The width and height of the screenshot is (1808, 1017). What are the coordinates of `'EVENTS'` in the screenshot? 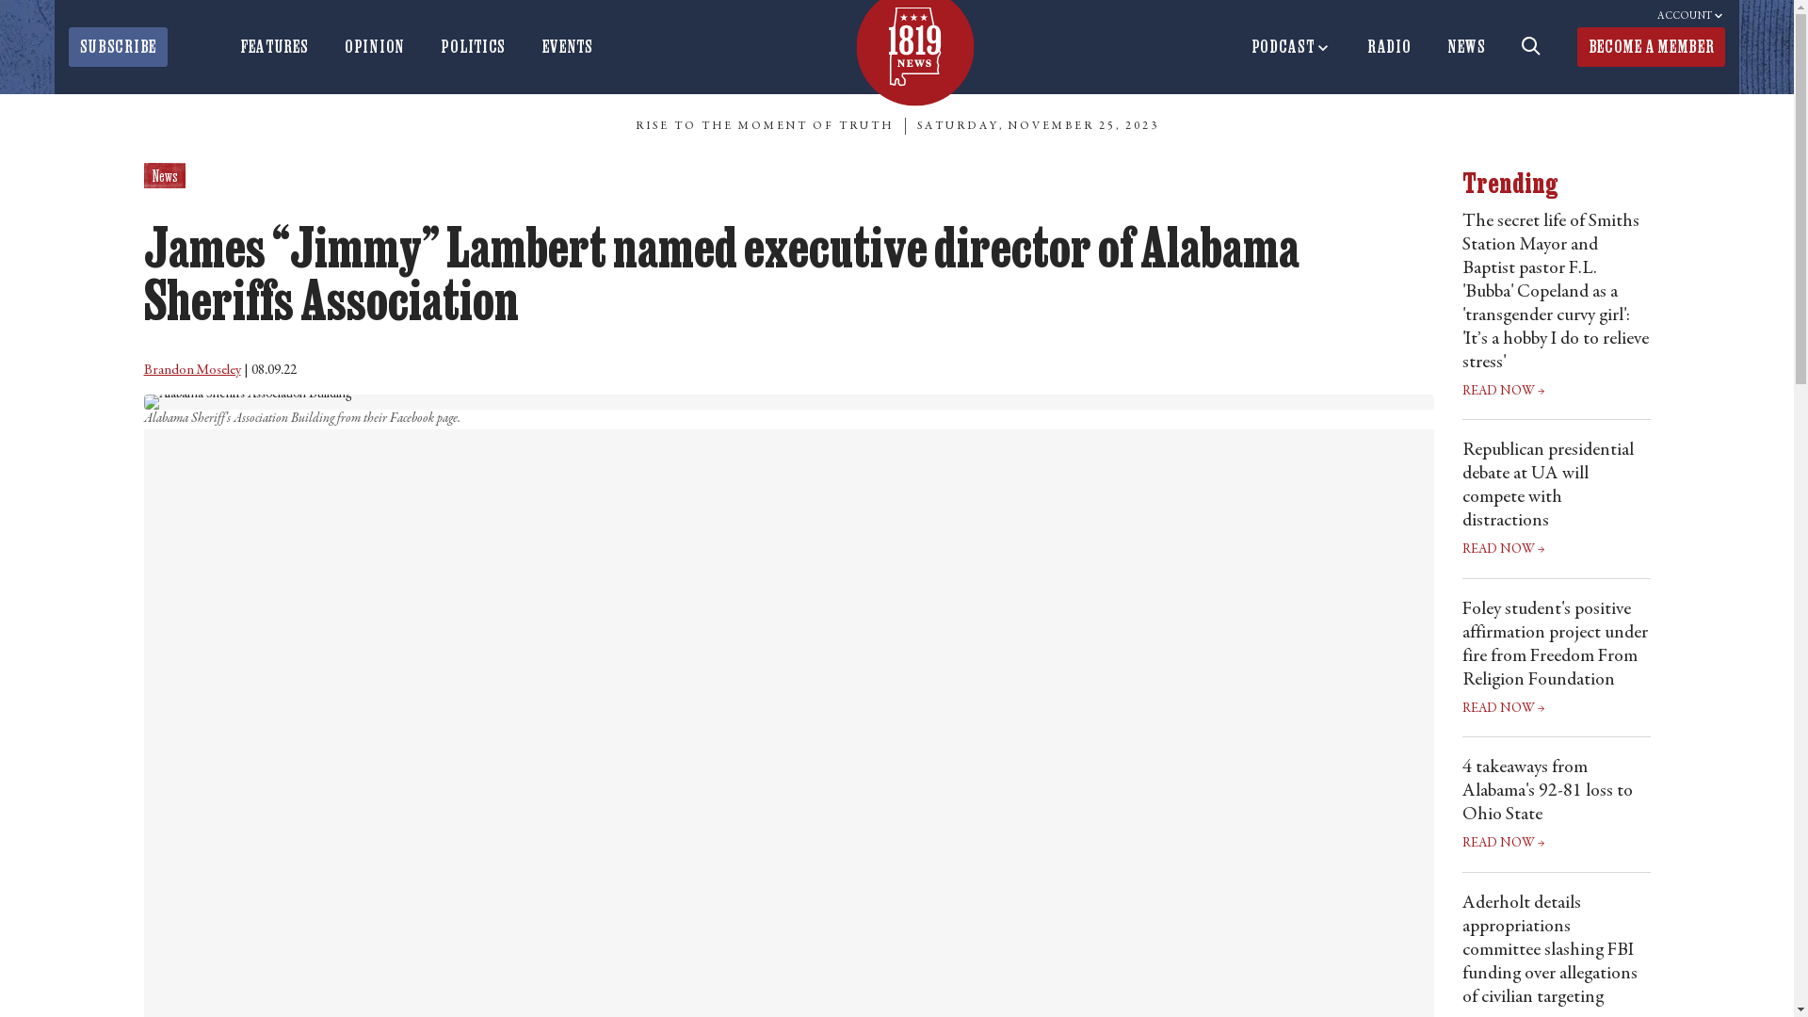 It's located at (567, 46).